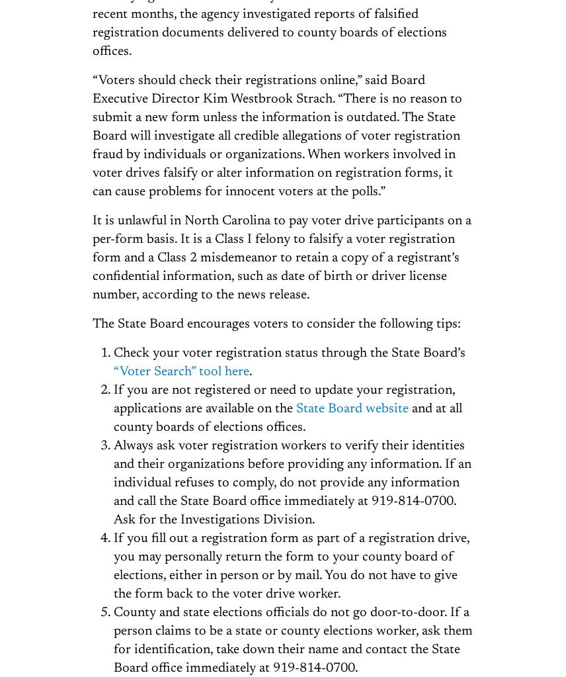  Describe the element at coordinates (412, 499) in the screenshot. I see `'Ethics Policy'` at that location.